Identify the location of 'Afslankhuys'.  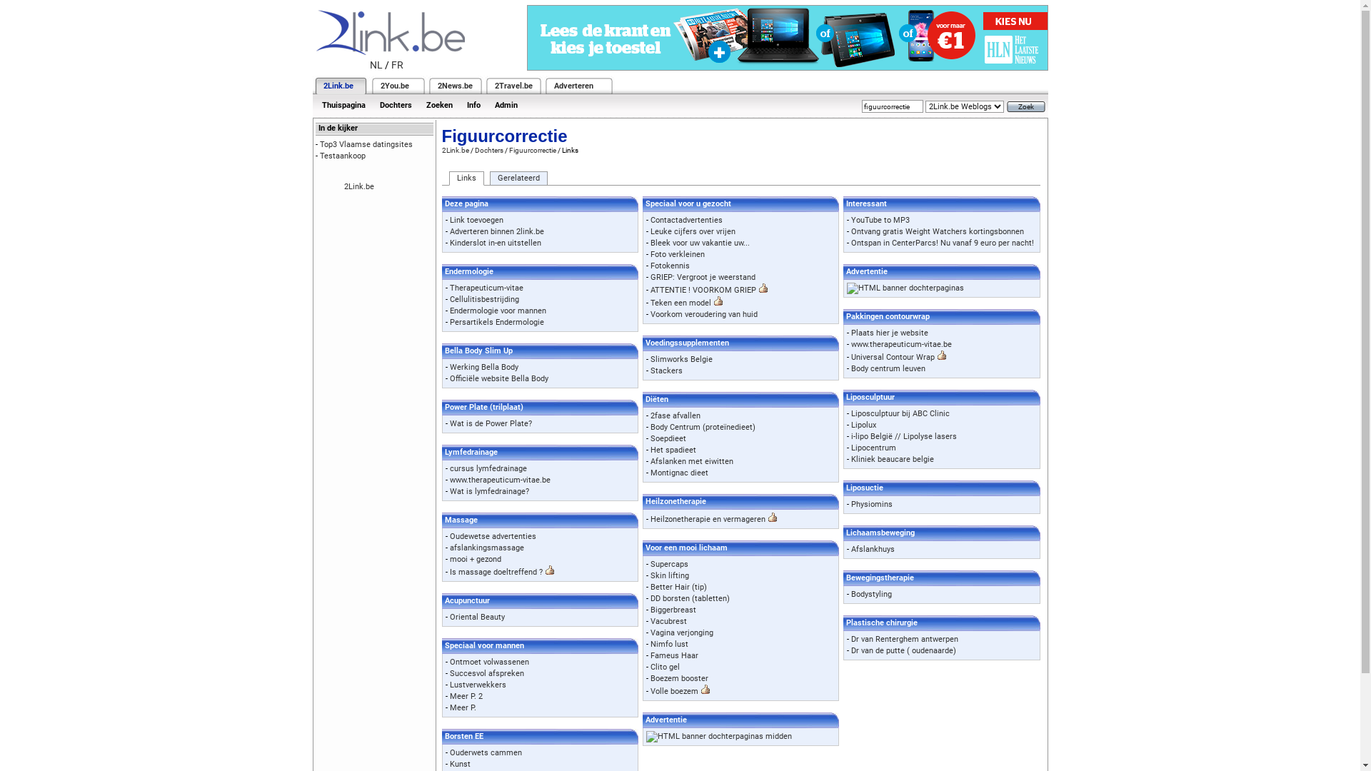
(872, 548).